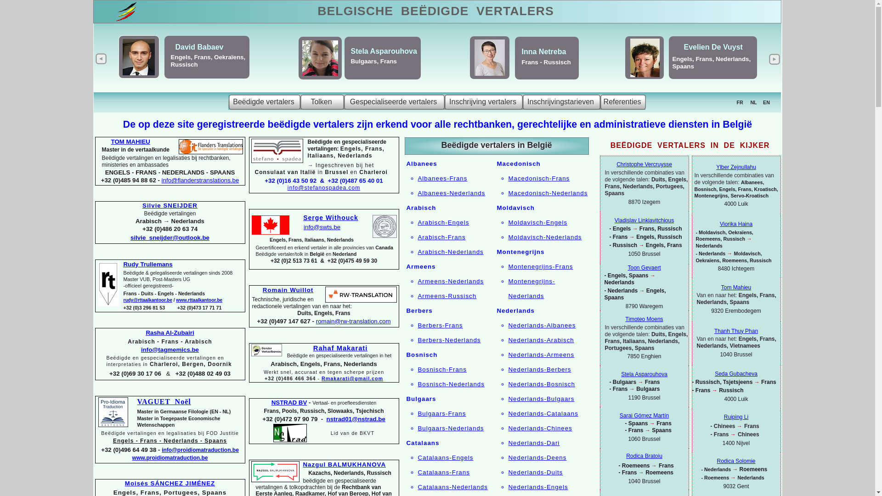 The image size is (882, 496). I want to click on 'Bulgaars-Nederlands', so click(451, 428).